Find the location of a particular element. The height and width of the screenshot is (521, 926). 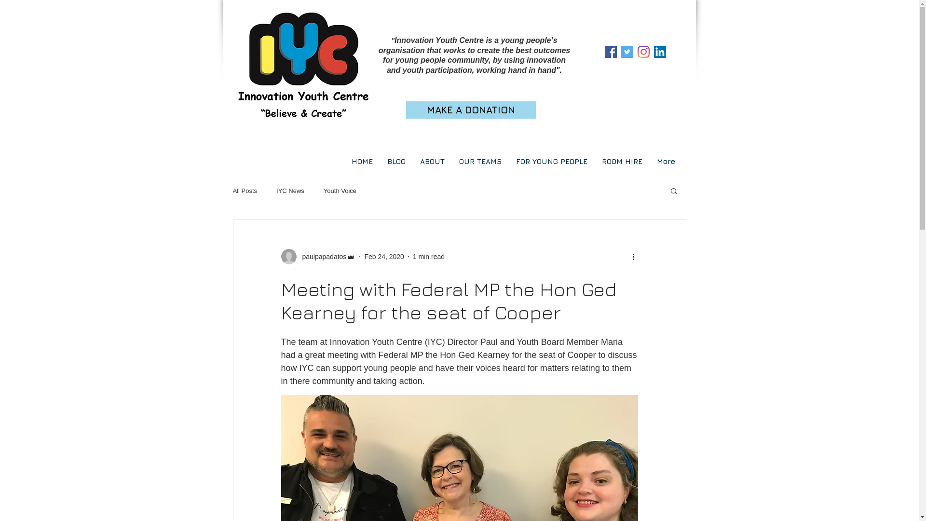

'MAKE A DONATION' is located at coordinates (471, 109).